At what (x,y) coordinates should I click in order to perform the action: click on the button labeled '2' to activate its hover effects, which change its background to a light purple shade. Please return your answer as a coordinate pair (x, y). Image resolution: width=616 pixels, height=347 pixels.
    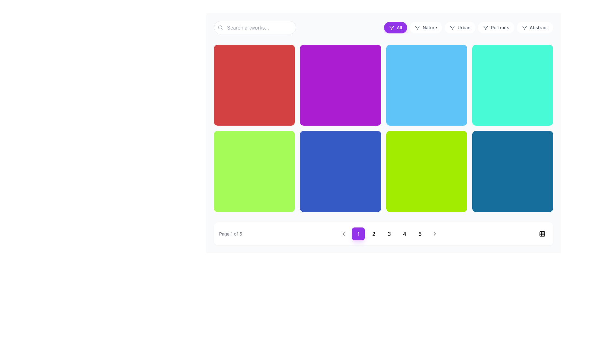
    Looking at the image, I should click on (374, 234).